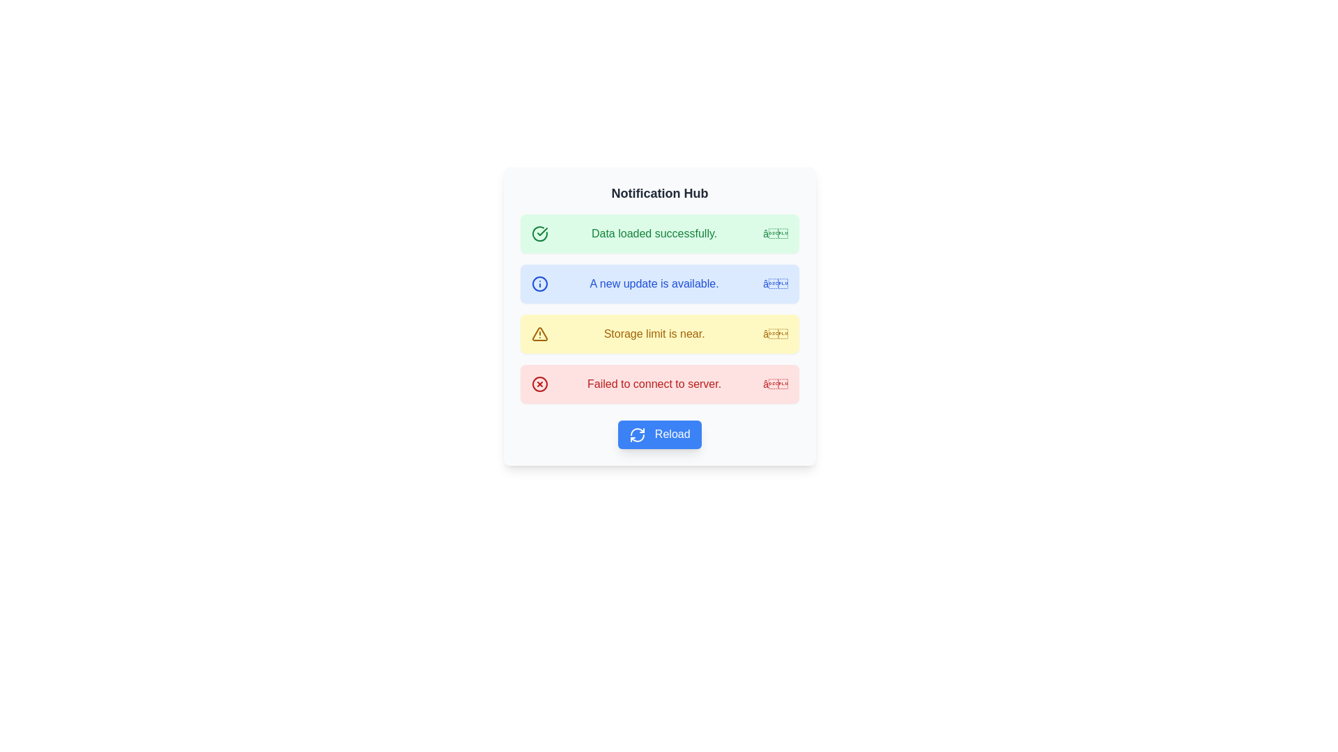  Describe the element at coordinates (775, 233) in the screenshot. I see `the dismiss button located at the far right of the green notification bar that closes the notification for 'Data loaded successfully.'` at that location.